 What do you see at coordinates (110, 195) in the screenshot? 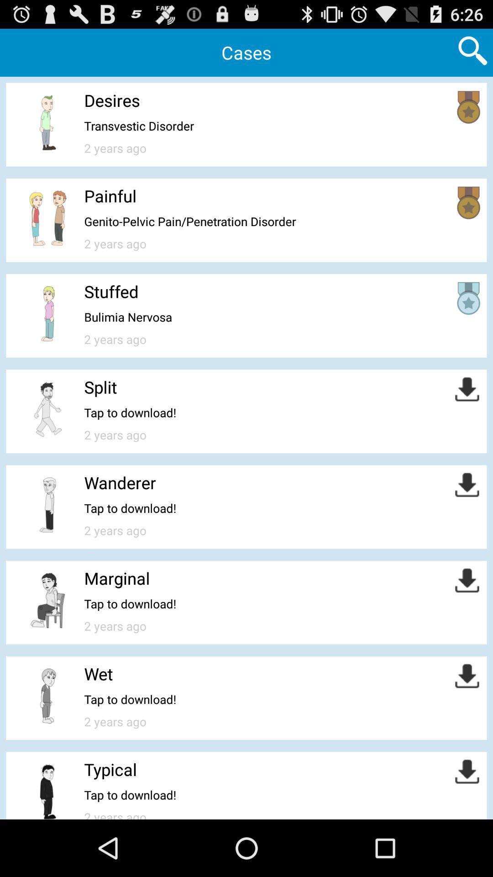
I see `painful item` at bounding box center [110, 195].